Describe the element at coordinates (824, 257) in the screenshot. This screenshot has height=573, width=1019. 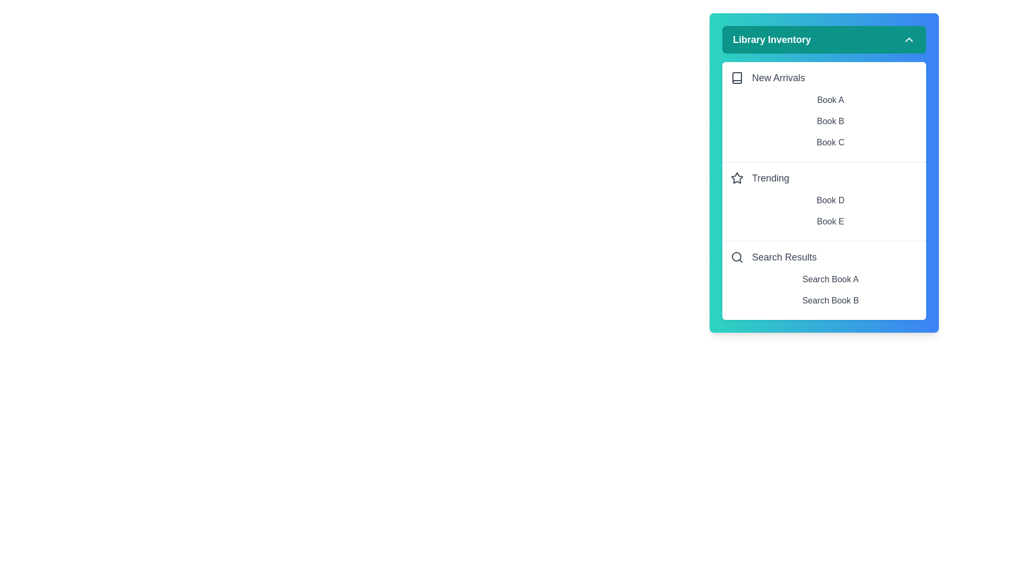
I see `the category Search Results to focus on it` at that location.